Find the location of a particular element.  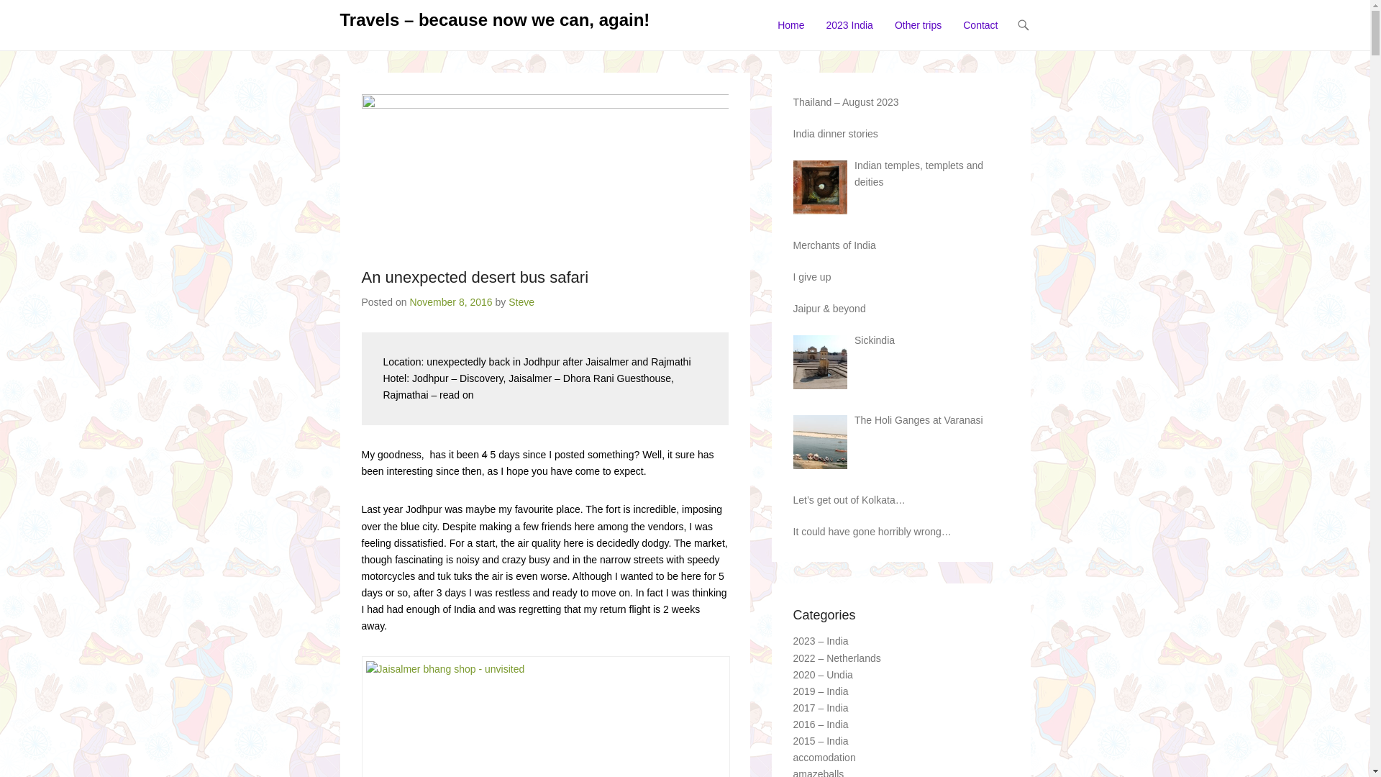

'November 8, 2016' is located at coordinates (409, 301).